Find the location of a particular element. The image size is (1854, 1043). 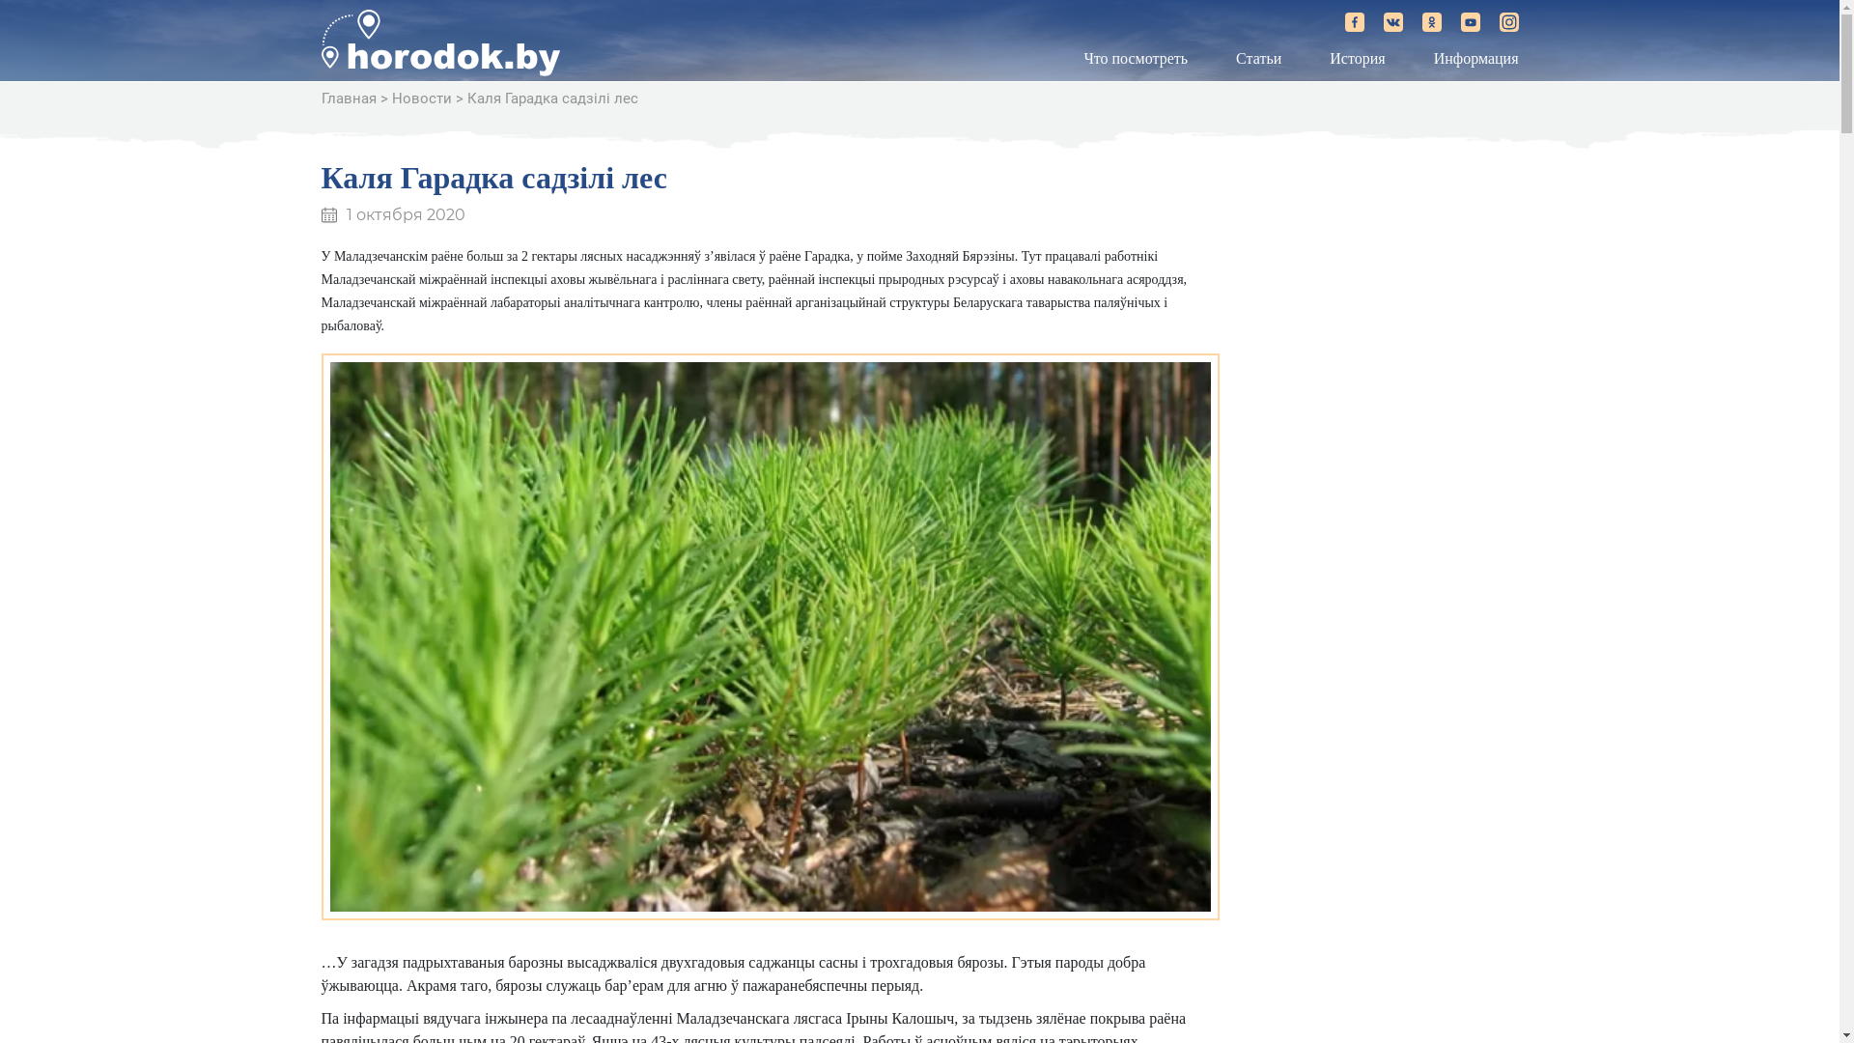

'horodok.by on Facebook' is located at coordinates (1343, 22).